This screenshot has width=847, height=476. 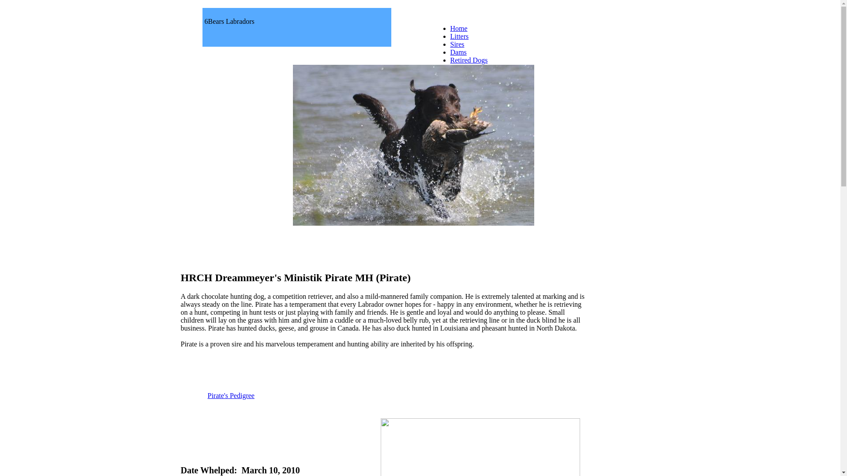 What do you see at coordinates (450, 59) in the screenshot?
I see `'Retired Dogs'` at bounding box center [450, 59].